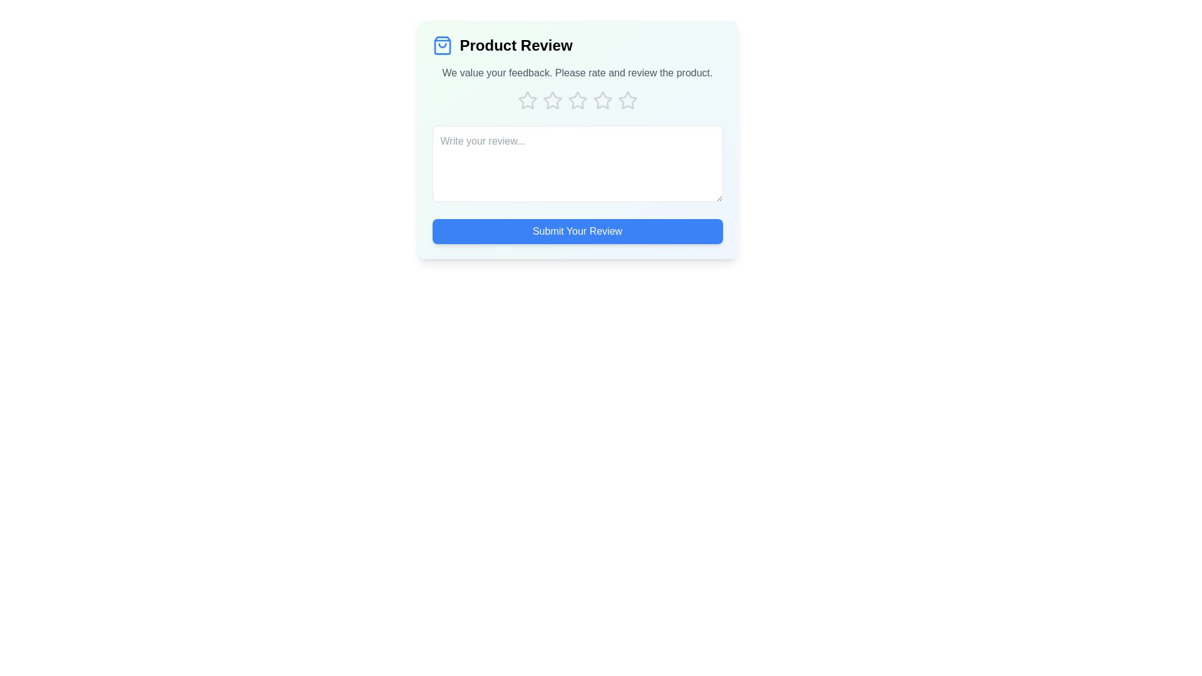  What do you see at coordinates (527, 100) in the screenshot?
I see `the first star-shaped rating icon with a hollow center, styled in gray, located within the product review modal` at bounding box center [527, 100].